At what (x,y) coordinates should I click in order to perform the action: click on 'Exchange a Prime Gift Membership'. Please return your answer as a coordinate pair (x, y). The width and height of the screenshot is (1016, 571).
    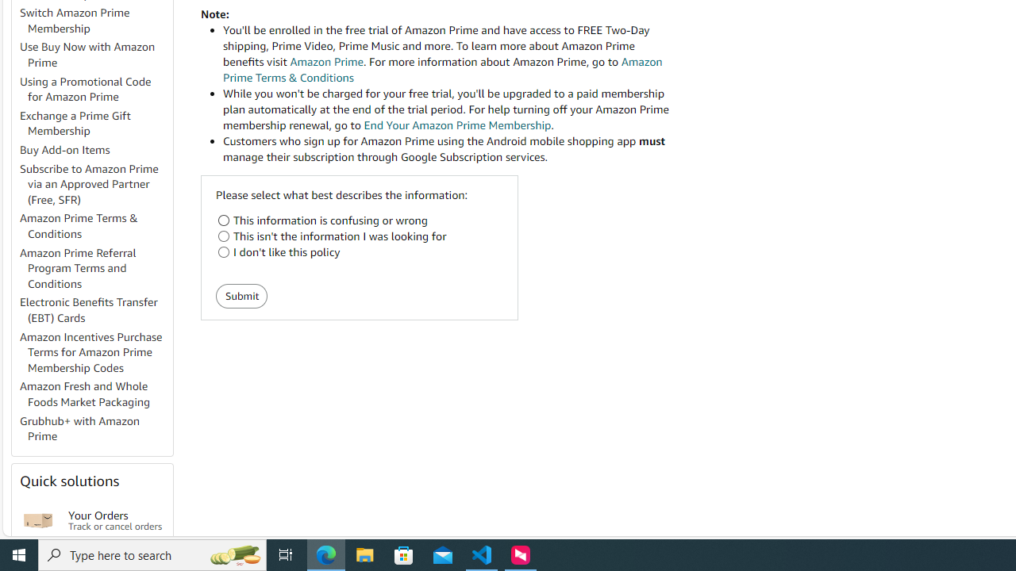
    Looking at the image, I should click on (94, 123).